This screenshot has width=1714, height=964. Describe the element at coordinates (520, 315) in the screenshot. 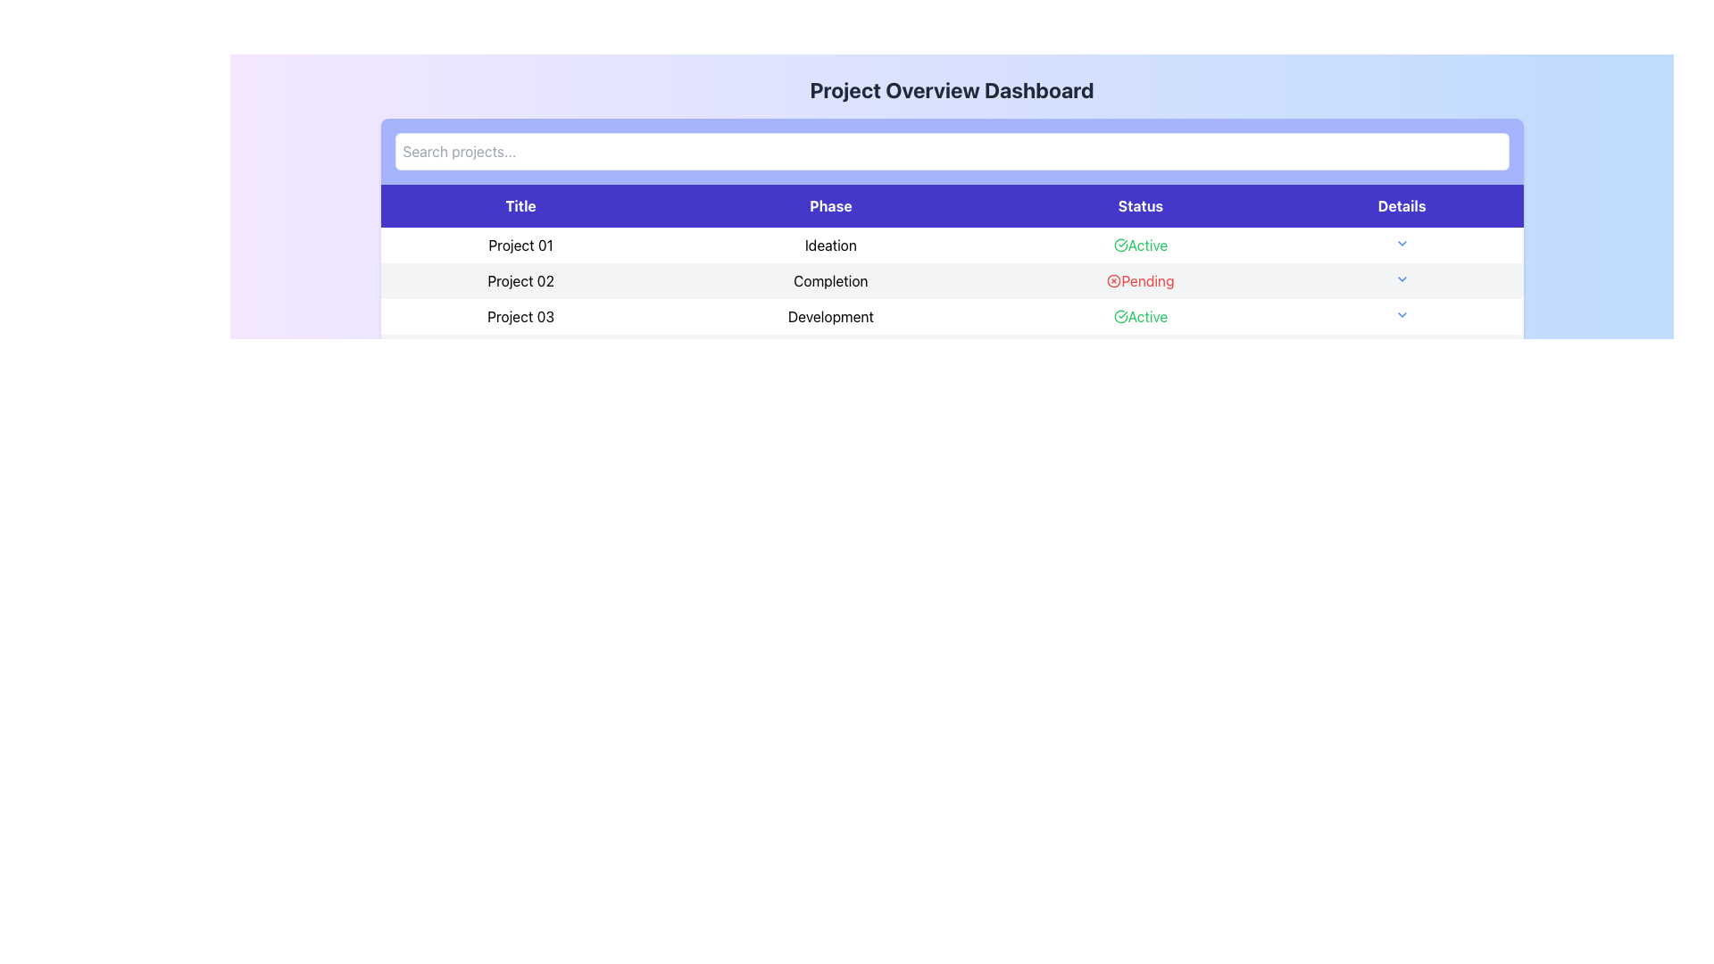

I see `the project title text label in the first column of the table` at that location.